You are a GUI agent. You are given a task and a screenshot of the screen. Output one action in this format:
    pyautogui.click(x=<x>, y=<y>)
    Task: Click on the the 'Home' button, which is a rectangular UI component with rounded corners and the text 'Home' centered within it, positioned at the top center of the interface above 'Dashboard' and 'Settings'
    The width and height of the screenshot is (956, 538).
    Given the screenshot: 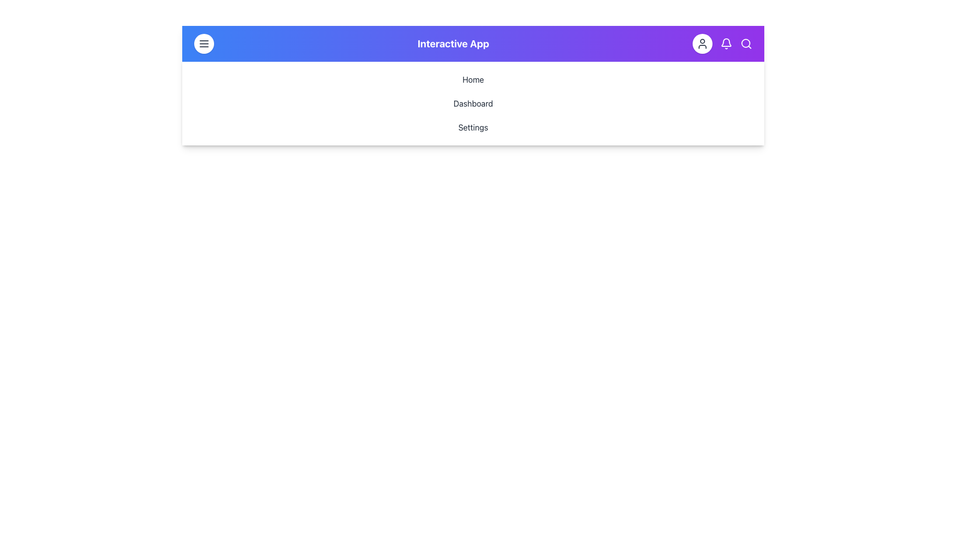 What is the action you would take?
    pyautogui.click(x=473, y=79)
    